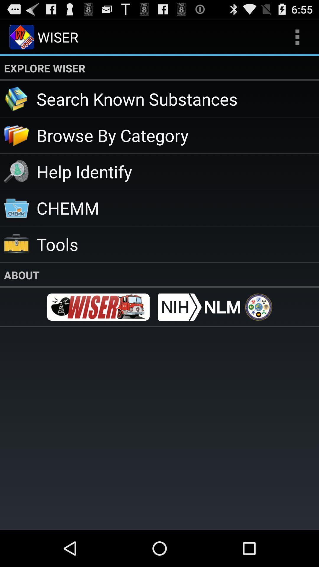  Describe the element at coordinates (297, 37) in the screenshot. I see `the item next to wiser app` at that location.